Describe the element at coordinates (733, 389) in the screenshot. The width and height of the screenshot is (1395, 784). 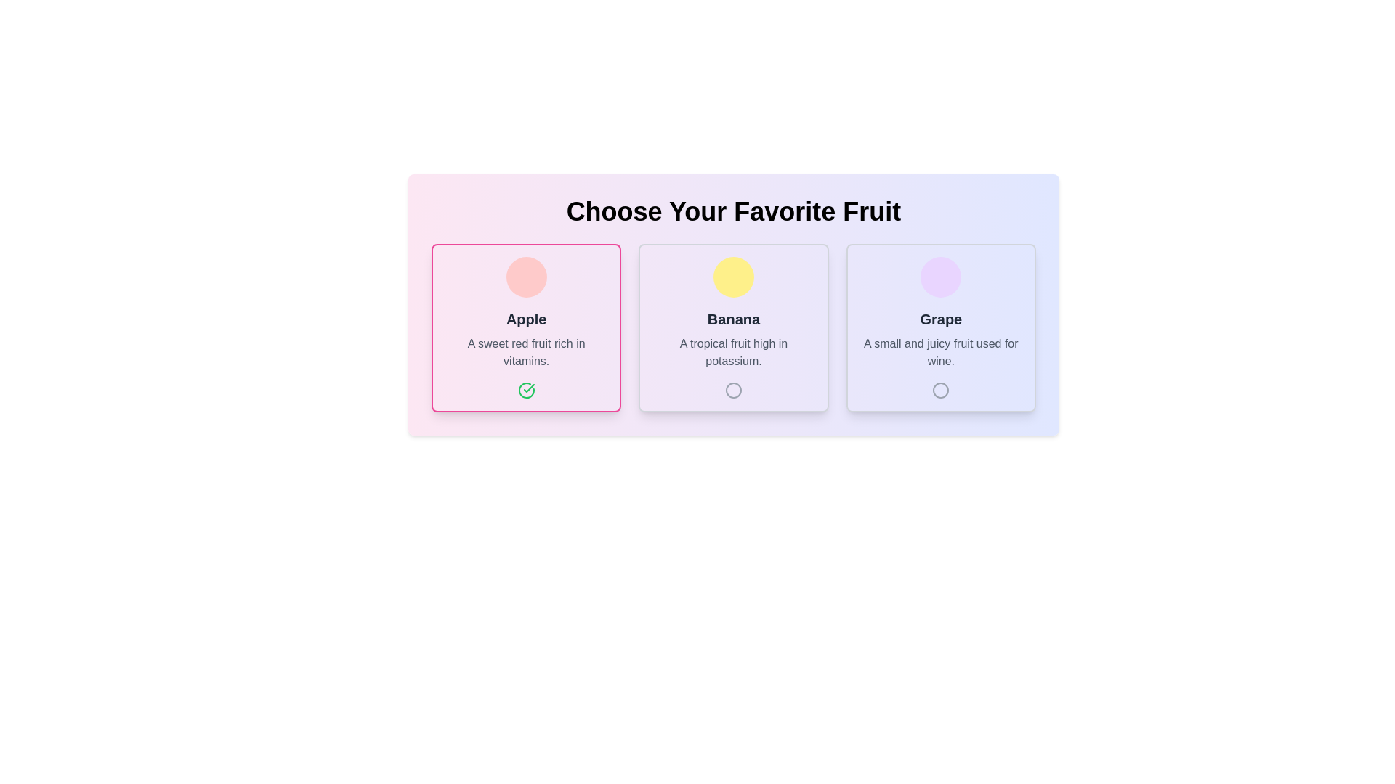
I see `the circular icon or button located at the bottom area of the 'Banana' card` at that location.